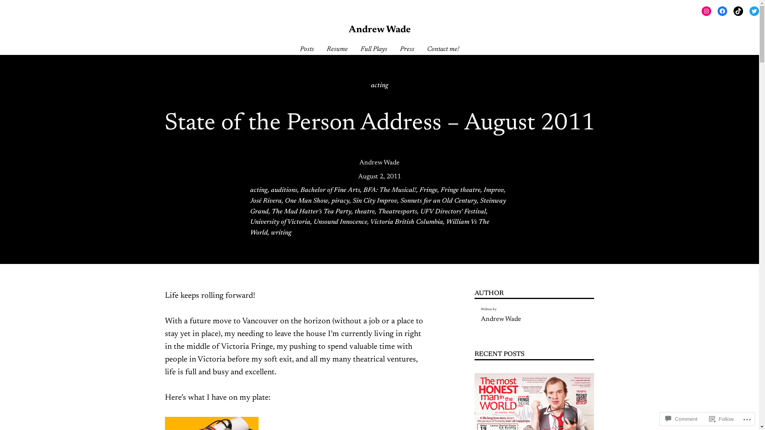 This screenshot has width=765, height=430. I want to click on 'University of Victoria', so click(250, 222).